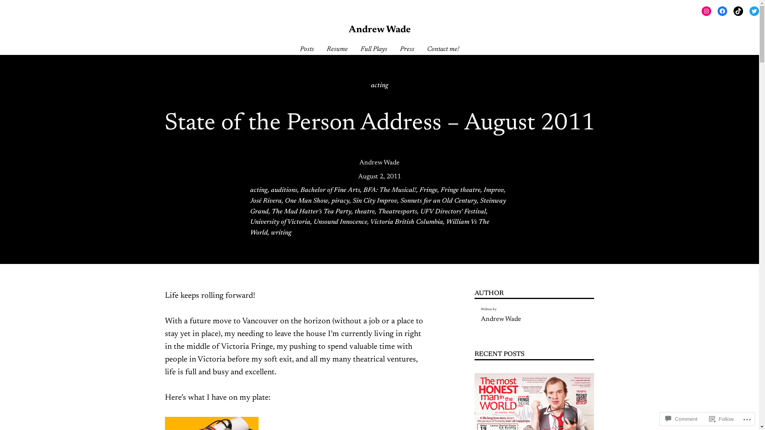 This screenshot has width=765, height=430. I want to click on 'University of Victoria', so click(250, 222).